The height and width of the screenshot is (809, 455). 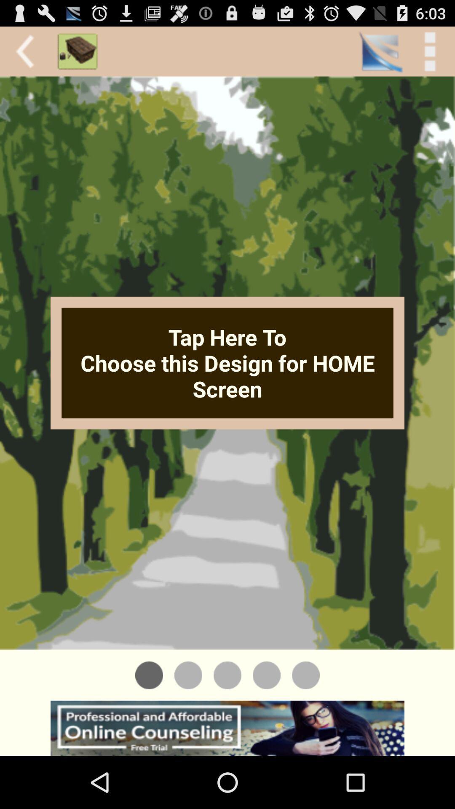 I want to click on the button, so click(x=305, y=675).